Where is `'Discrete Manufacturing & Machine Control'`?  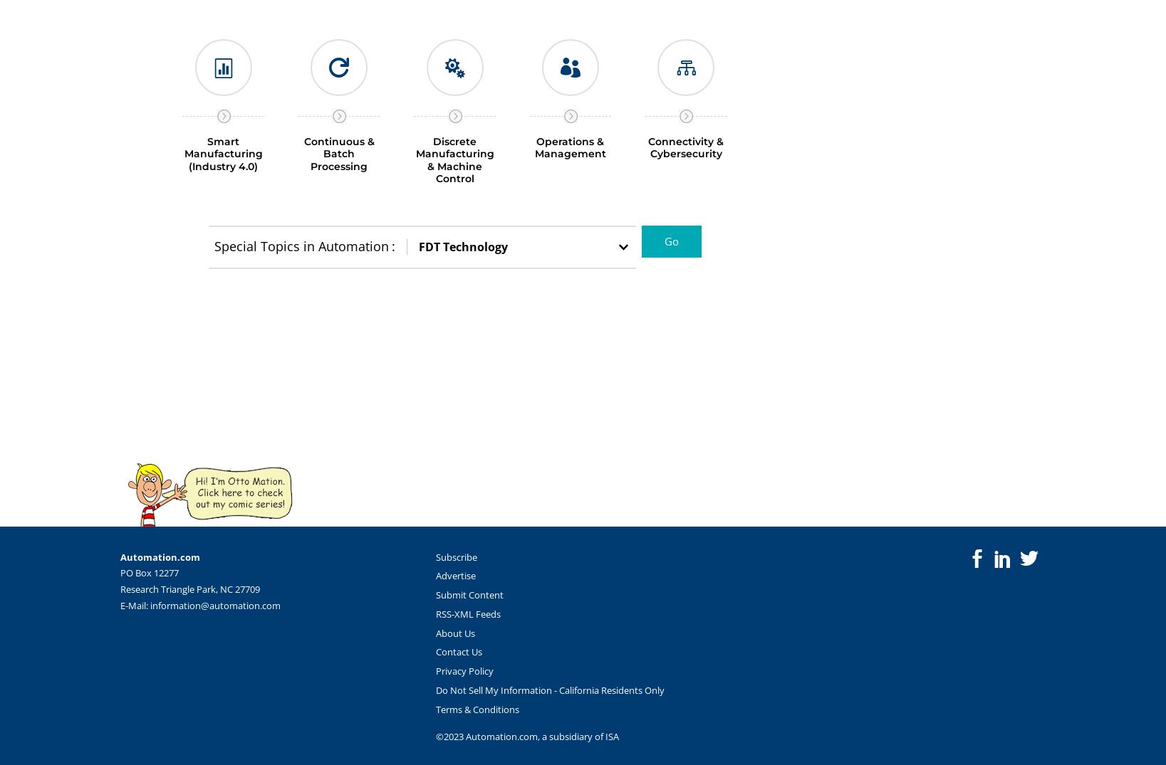 'Discrete Manufacturing & Machine Control' is located at coordinates (453, 159).